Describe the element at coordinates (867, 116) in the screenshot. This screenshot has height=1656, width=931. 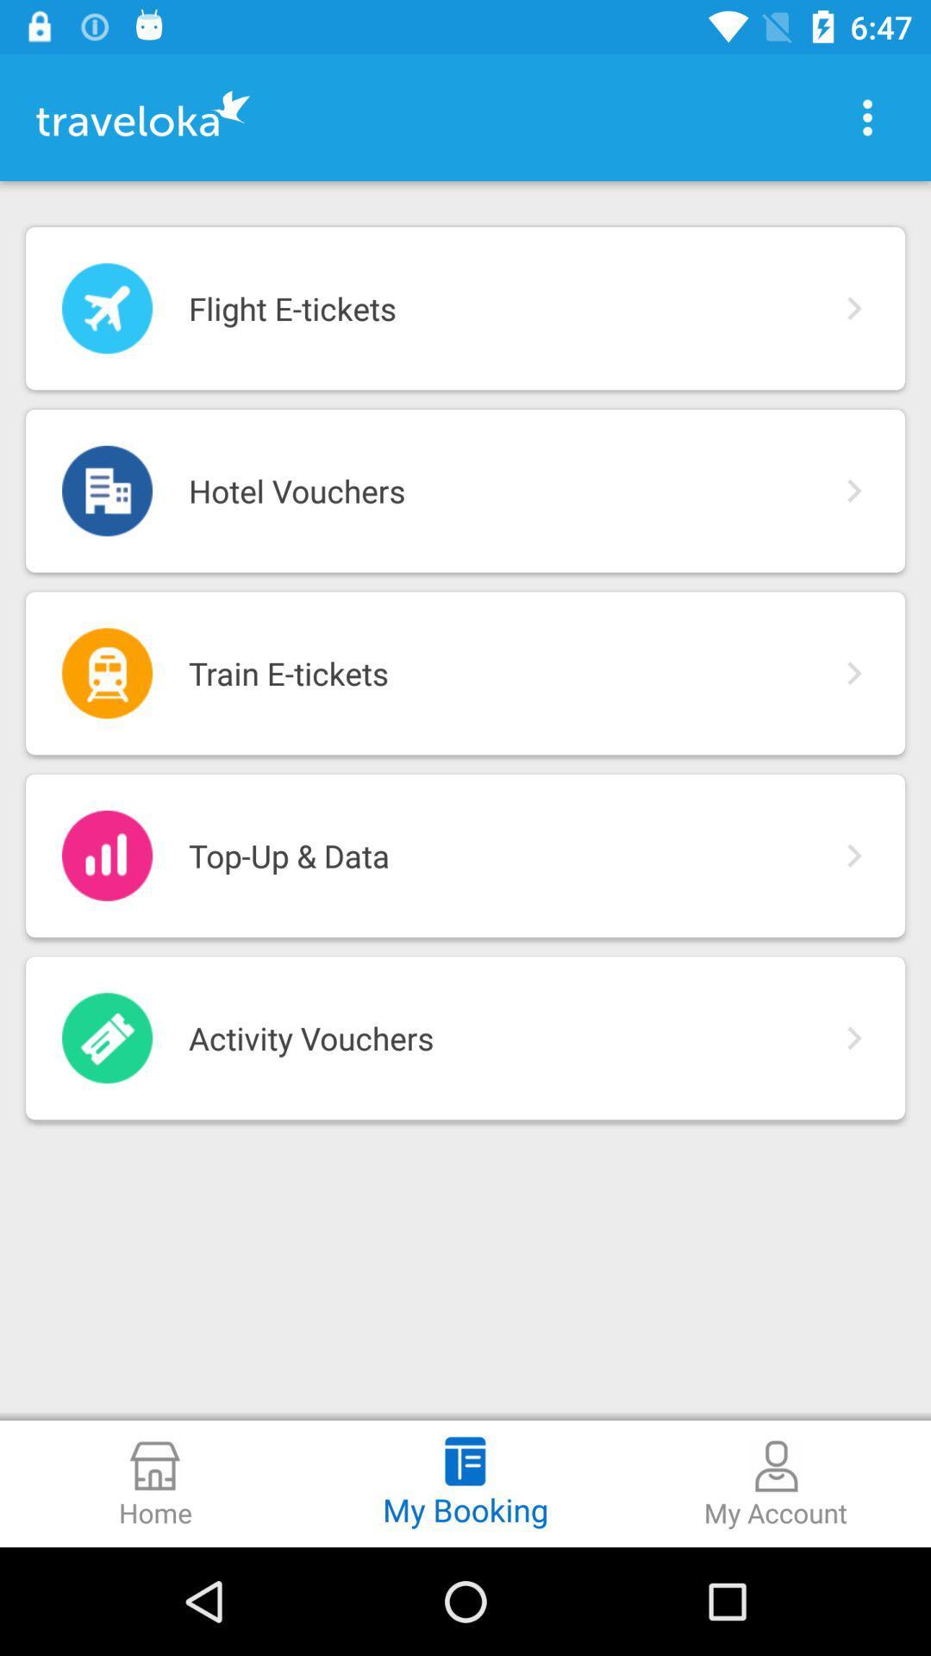
I see `main menu` at that location.